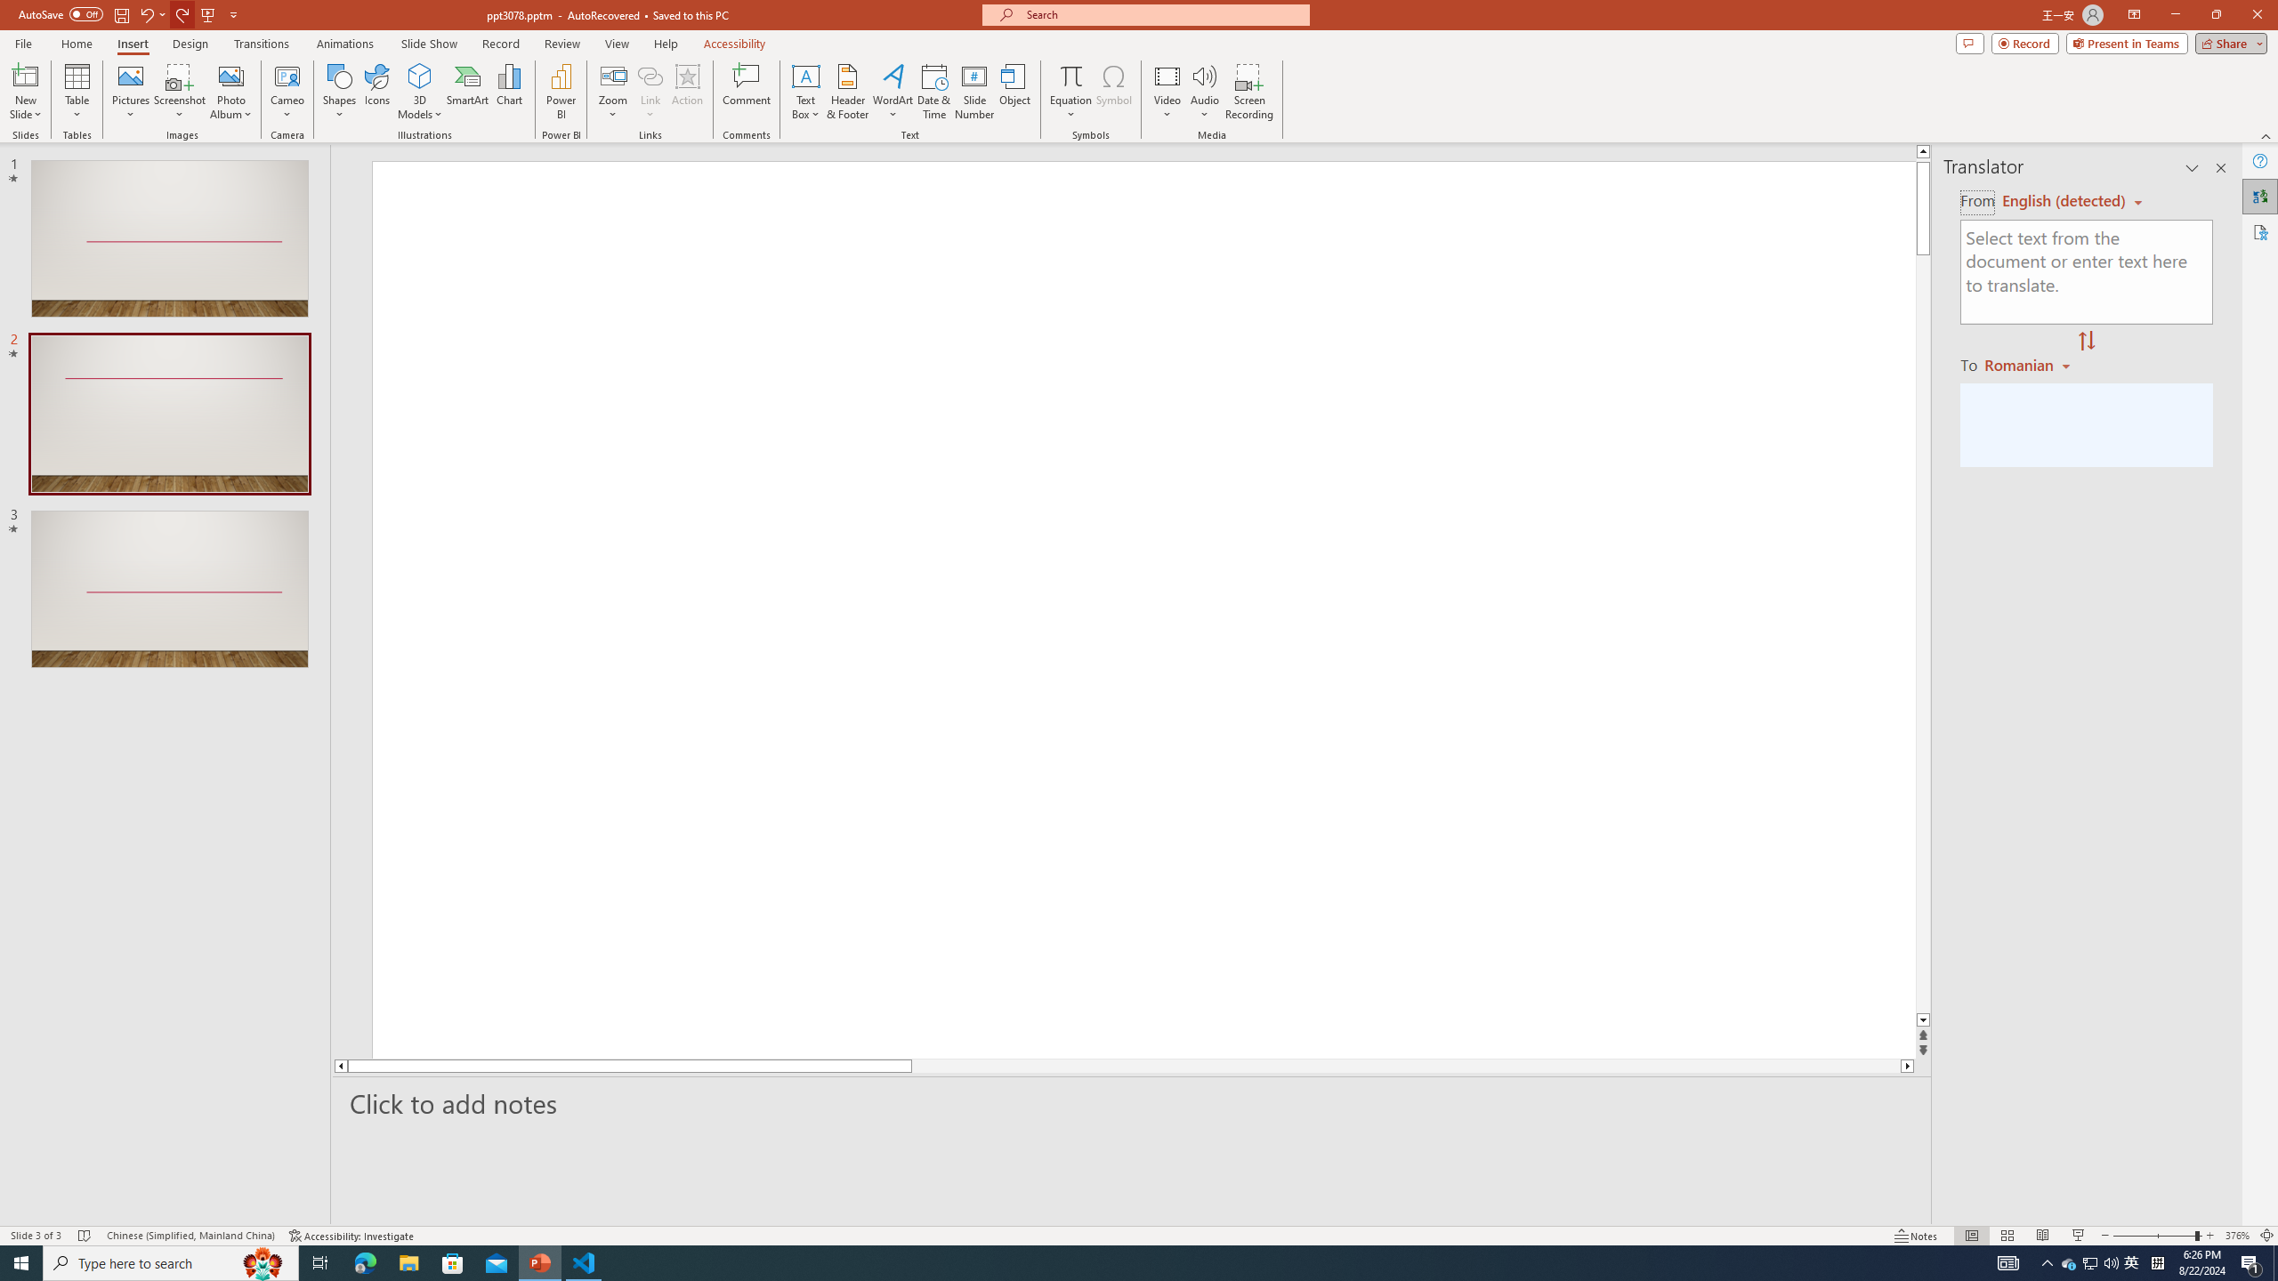 This screenshot has width=2278, height=1281. What do you see at coordinates (179, 92) in the screenshot?
I see `'Screenshot'` at bounding box center [179, 92].